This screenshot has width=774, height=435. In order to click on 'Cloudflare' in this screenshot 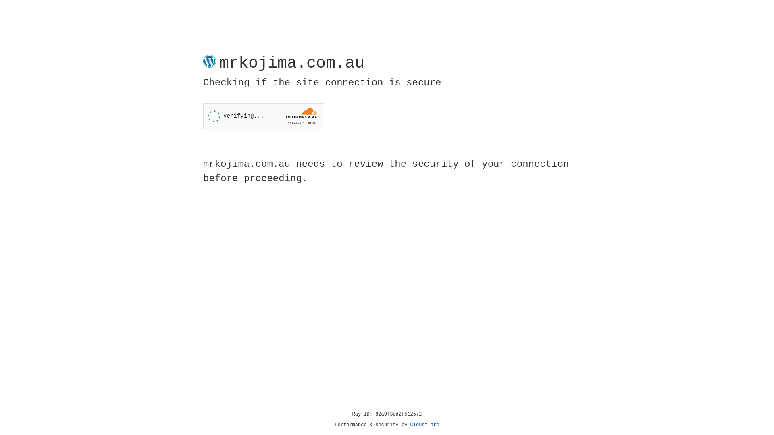, I will do `click(424, 425)`.